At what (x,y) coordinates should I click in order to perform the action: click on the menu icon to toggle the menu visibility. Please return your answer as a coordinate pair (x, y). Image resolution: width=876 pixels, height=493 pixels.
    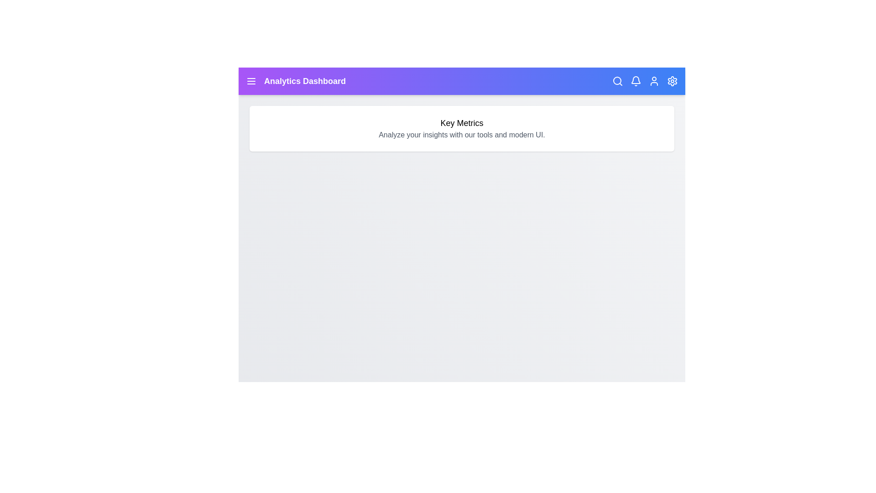
    Looking at the image, I should click on (251, 80).